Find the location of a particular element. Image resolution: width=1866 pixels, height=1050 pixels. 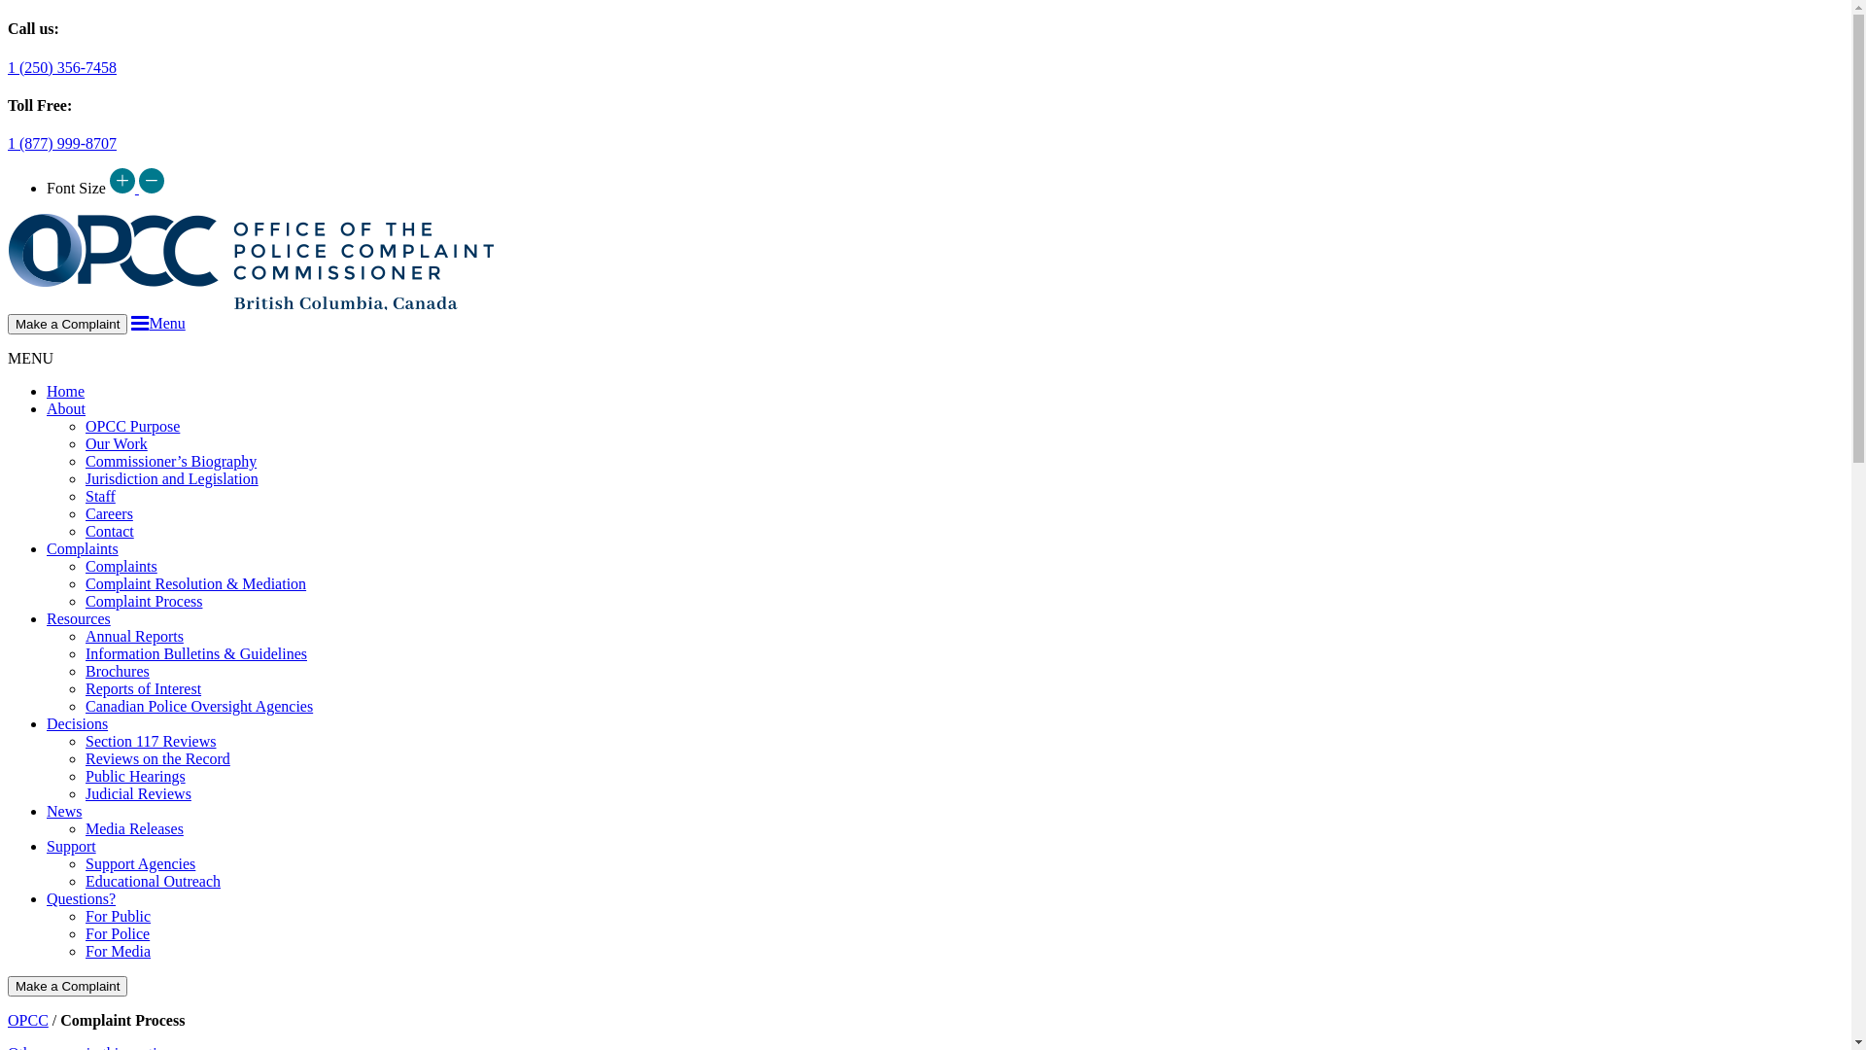

'Media Releases' is located at coordinates (133, 828).